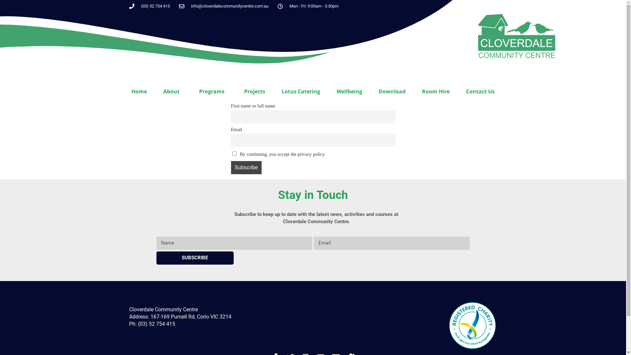 This screenshot has width=631, height=355. I want to click on 'Room Hire', so click(435, 91).